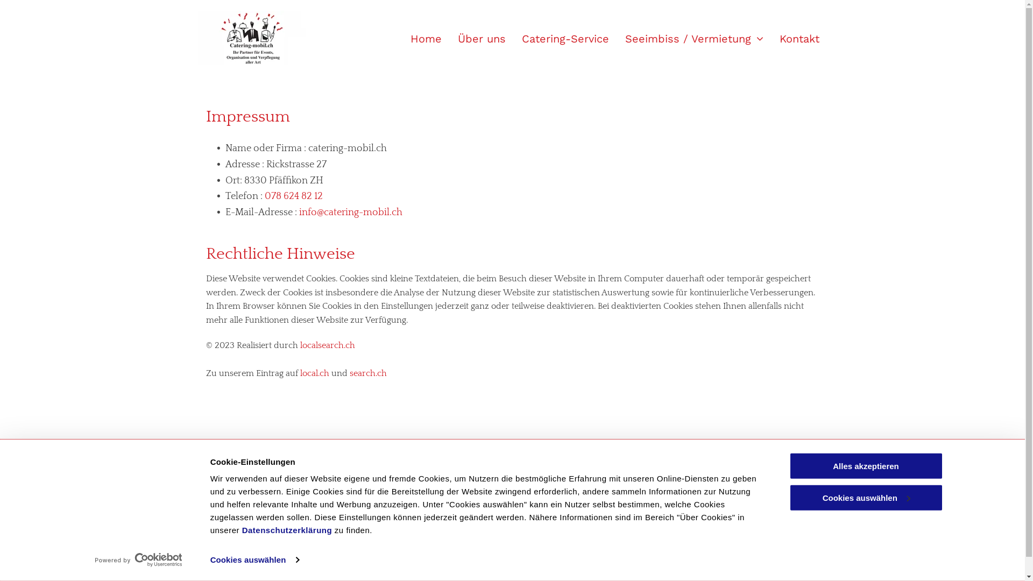 The width and height of the screenshot is (1033, 581). What do you see at coordinates (788, 465) in the screenshot?
I see `'Alles akzeptieren'` at bounding box center [788, 465].